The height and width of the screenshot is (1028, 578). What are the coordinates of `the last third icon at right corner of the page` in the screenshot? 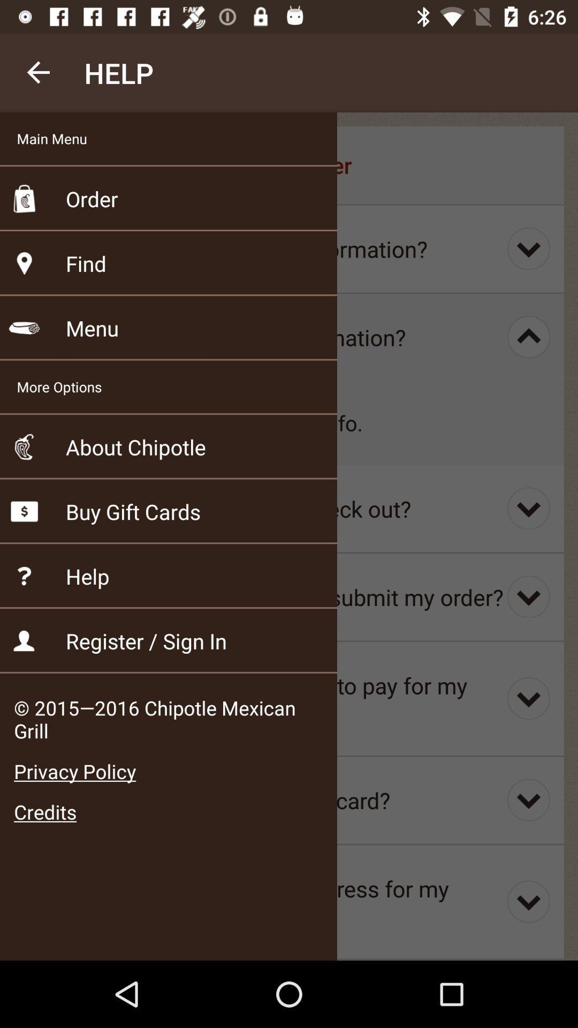 It's located at (528, 698).